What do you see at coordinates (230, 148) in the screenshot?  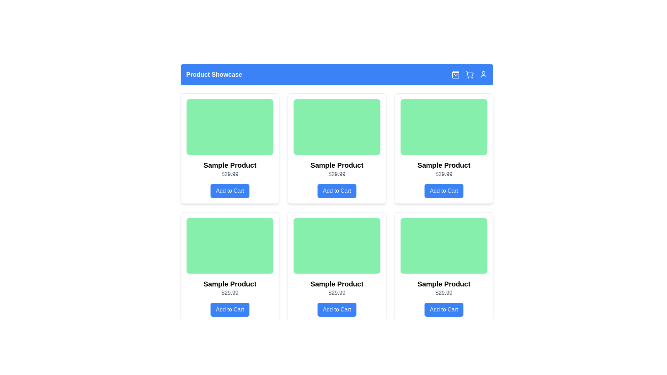 I see `the product preview element` at bounding box center [230, 148].